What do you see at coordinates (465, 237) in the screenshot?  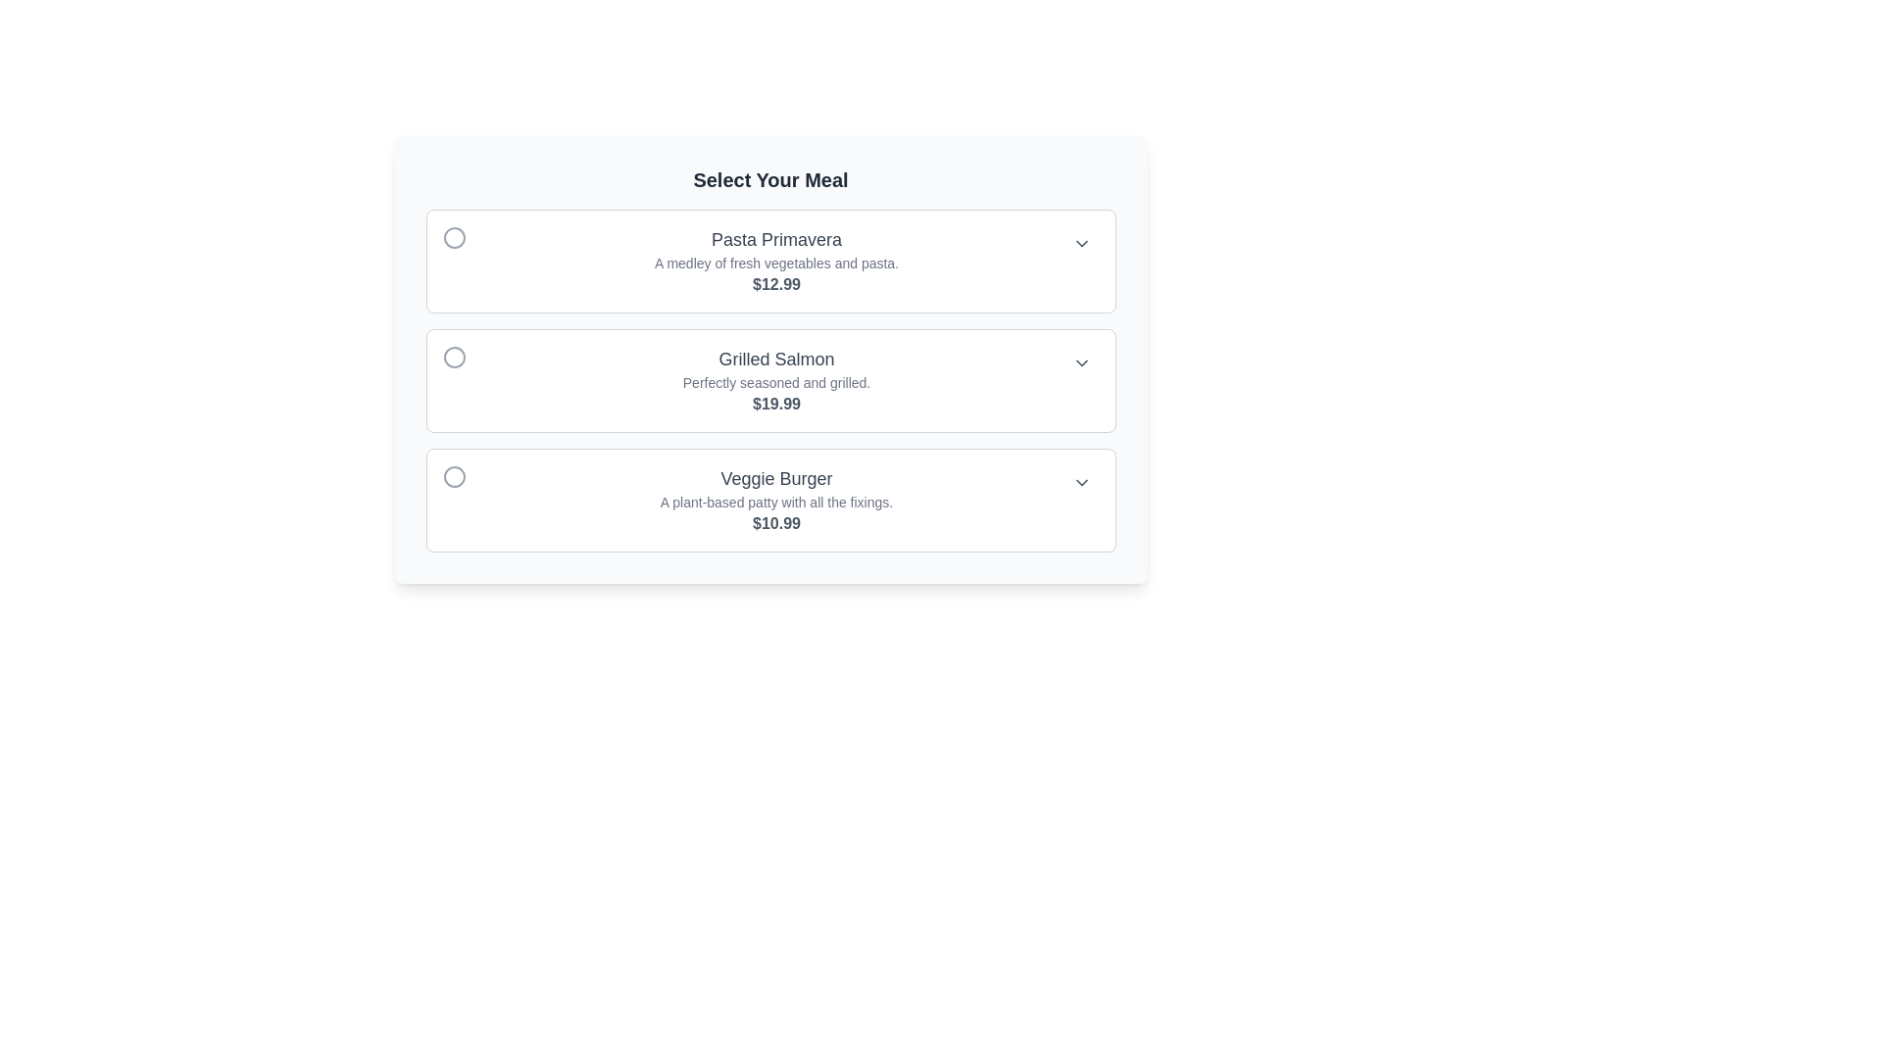 I see `the gray circular radio button` at bounding box center [465, 237].